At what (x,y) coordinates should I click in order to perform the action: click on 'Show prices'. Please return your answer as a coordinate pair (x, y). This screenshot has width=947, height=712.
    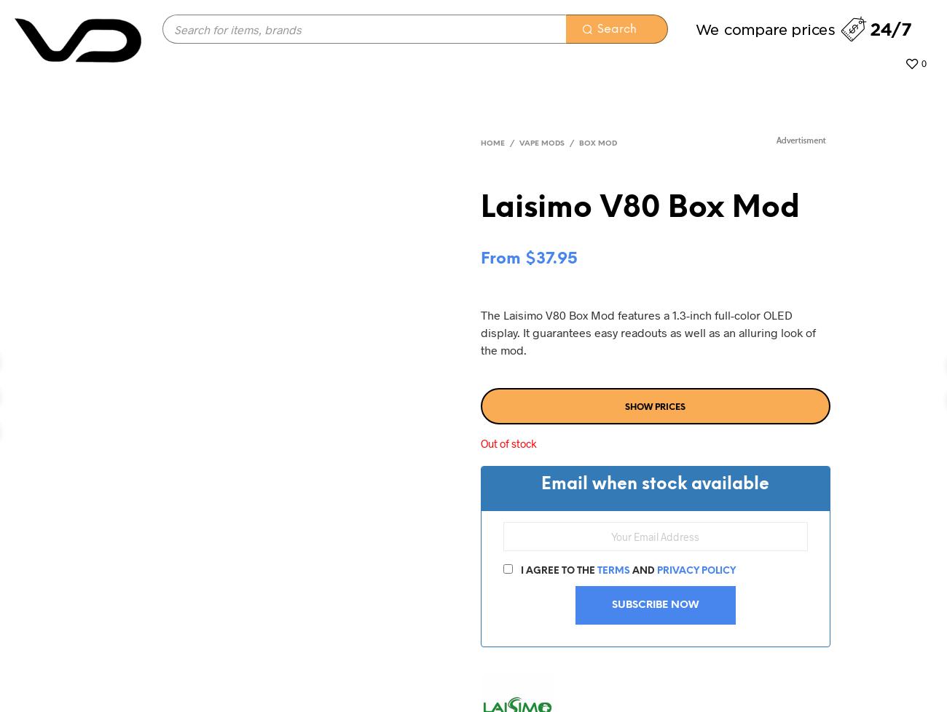
    Looking at the image, I should click on (654, 407).